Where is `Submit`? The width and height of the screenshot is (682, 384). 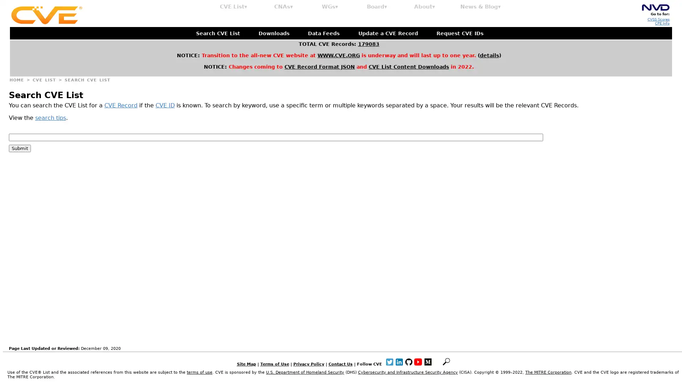 Submit is located at coordinates (20, 148).